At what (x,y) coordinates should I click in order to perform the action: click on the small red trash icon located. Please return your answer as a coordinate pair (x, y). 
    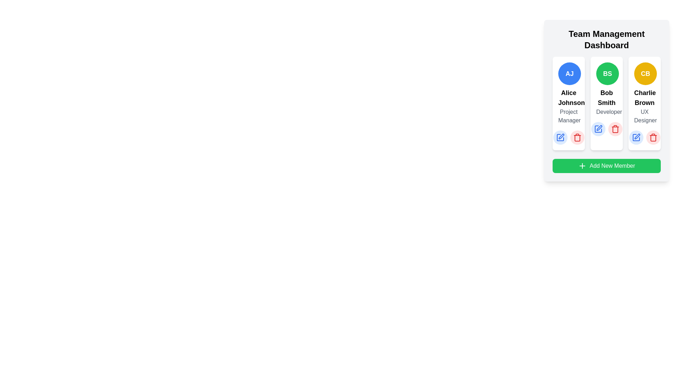
    Looking at the image, I should click on (577, 138).